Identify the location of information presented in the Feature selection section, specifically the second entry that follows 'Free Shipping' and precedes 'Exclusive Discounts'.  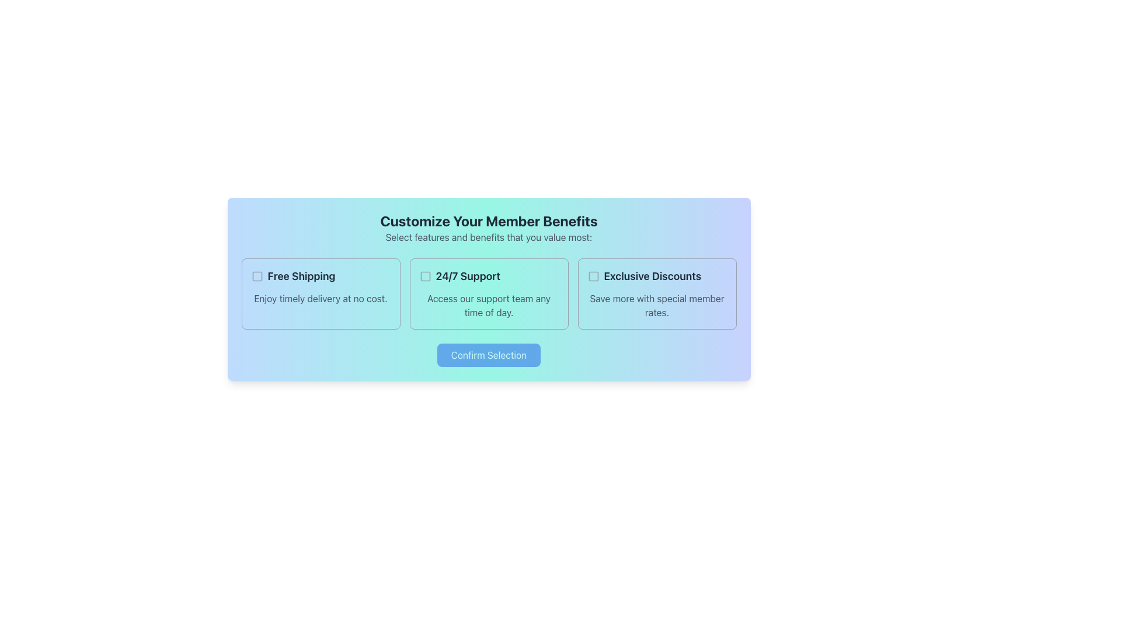
(489, 293).